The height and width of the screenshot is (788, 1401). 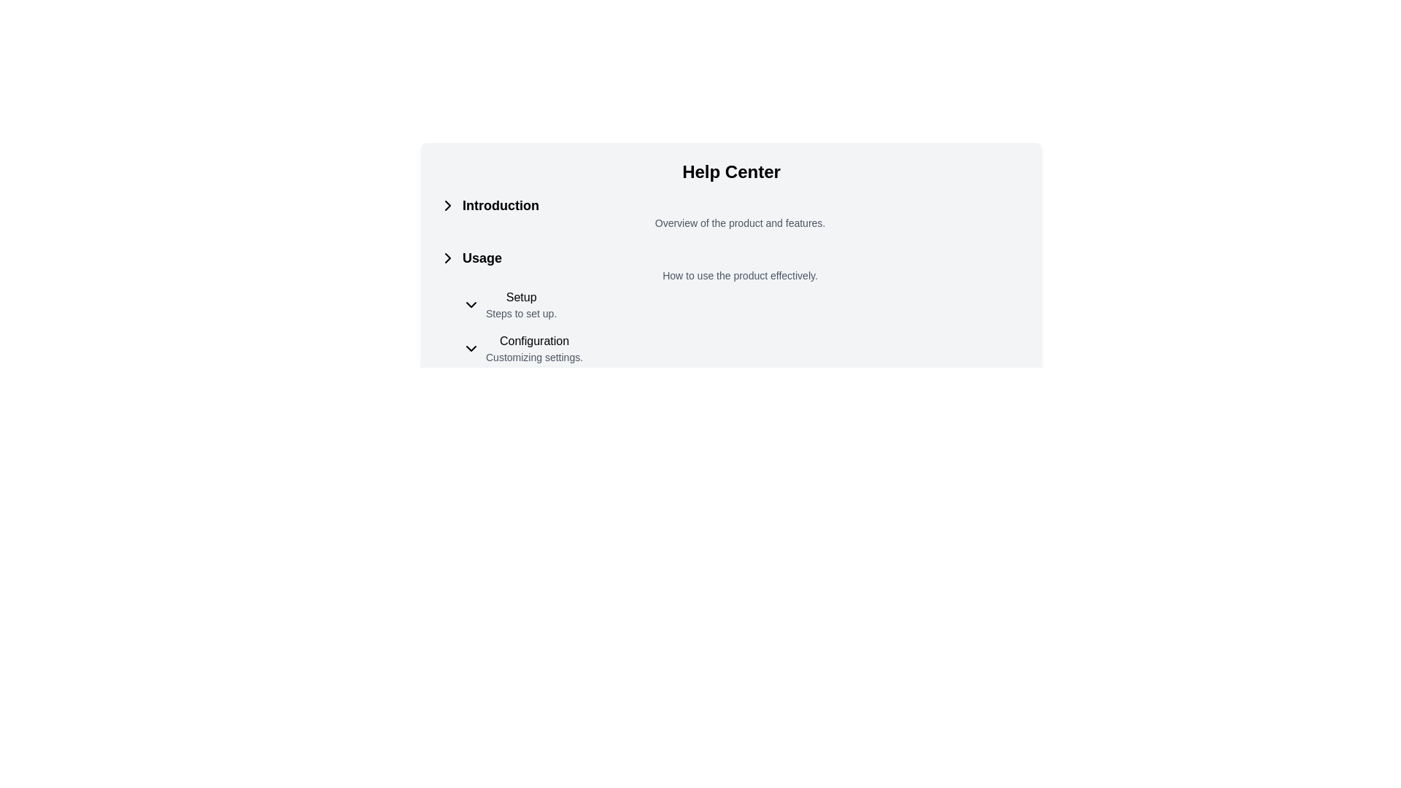 I want to click on description text of the 'Introduction' section header located near the top of the interface under 'Help Center', so click(x=731, y=213).